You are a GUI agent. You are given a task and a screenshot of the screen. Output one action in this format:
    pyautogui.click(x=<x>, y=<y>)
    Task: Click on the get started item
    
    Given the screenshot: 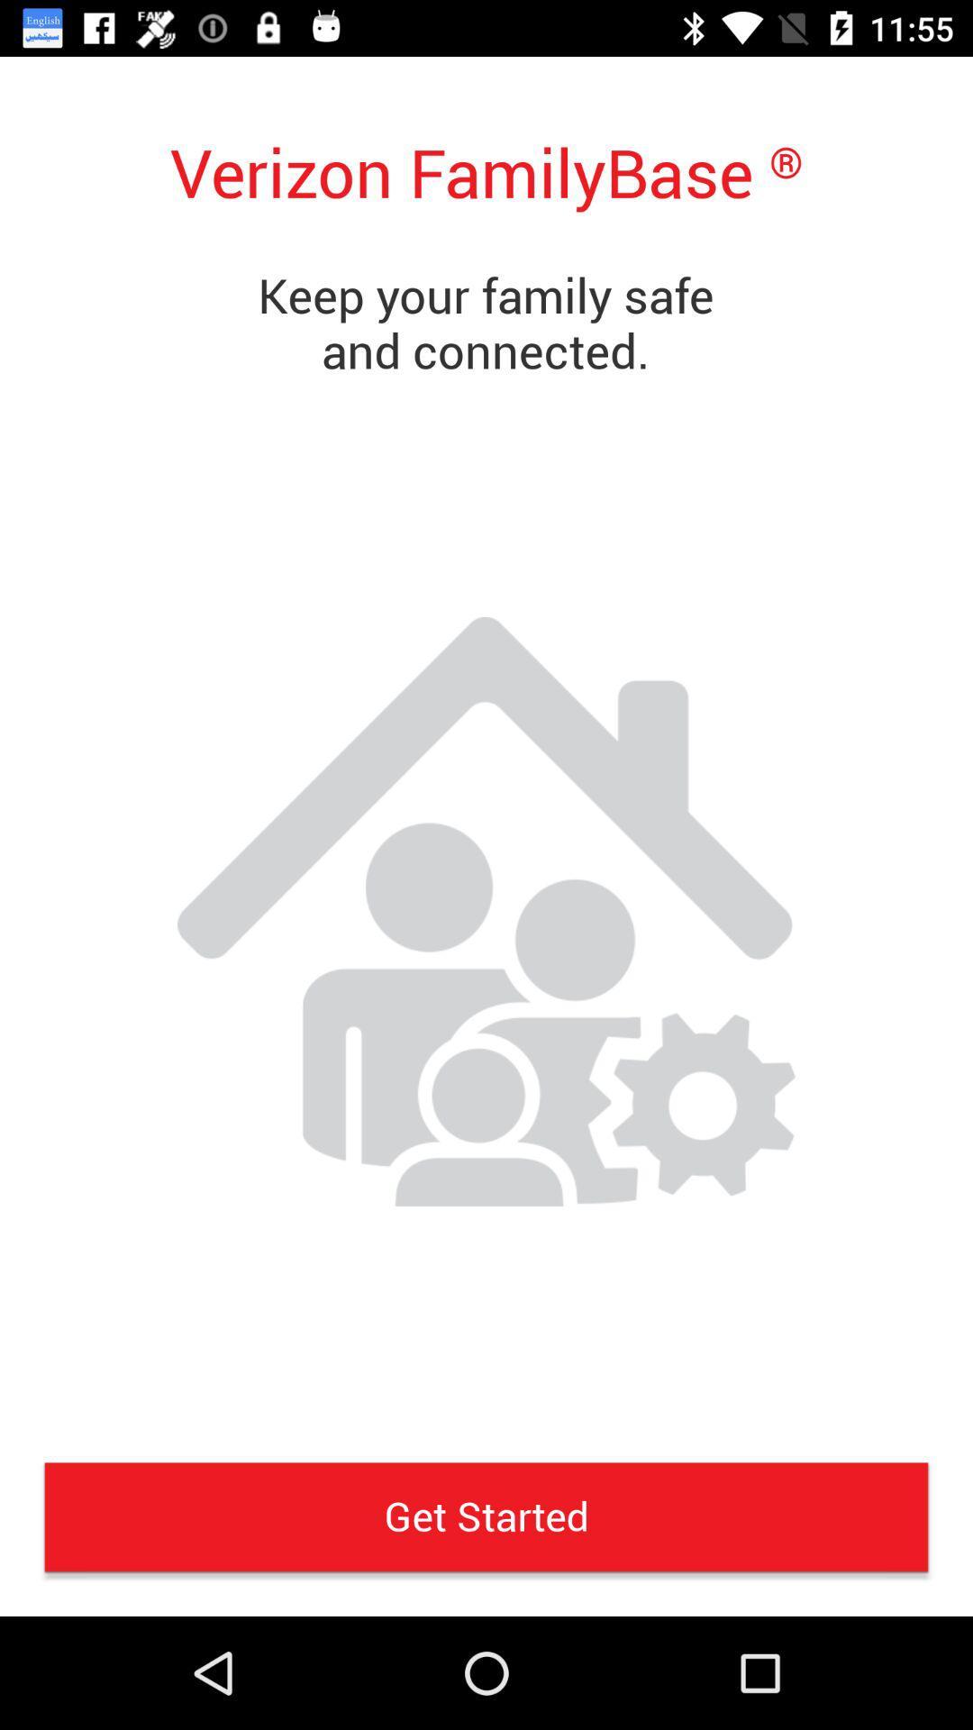 What is the action you would take?
    pyautogui.click(x=486, y=1516)
    